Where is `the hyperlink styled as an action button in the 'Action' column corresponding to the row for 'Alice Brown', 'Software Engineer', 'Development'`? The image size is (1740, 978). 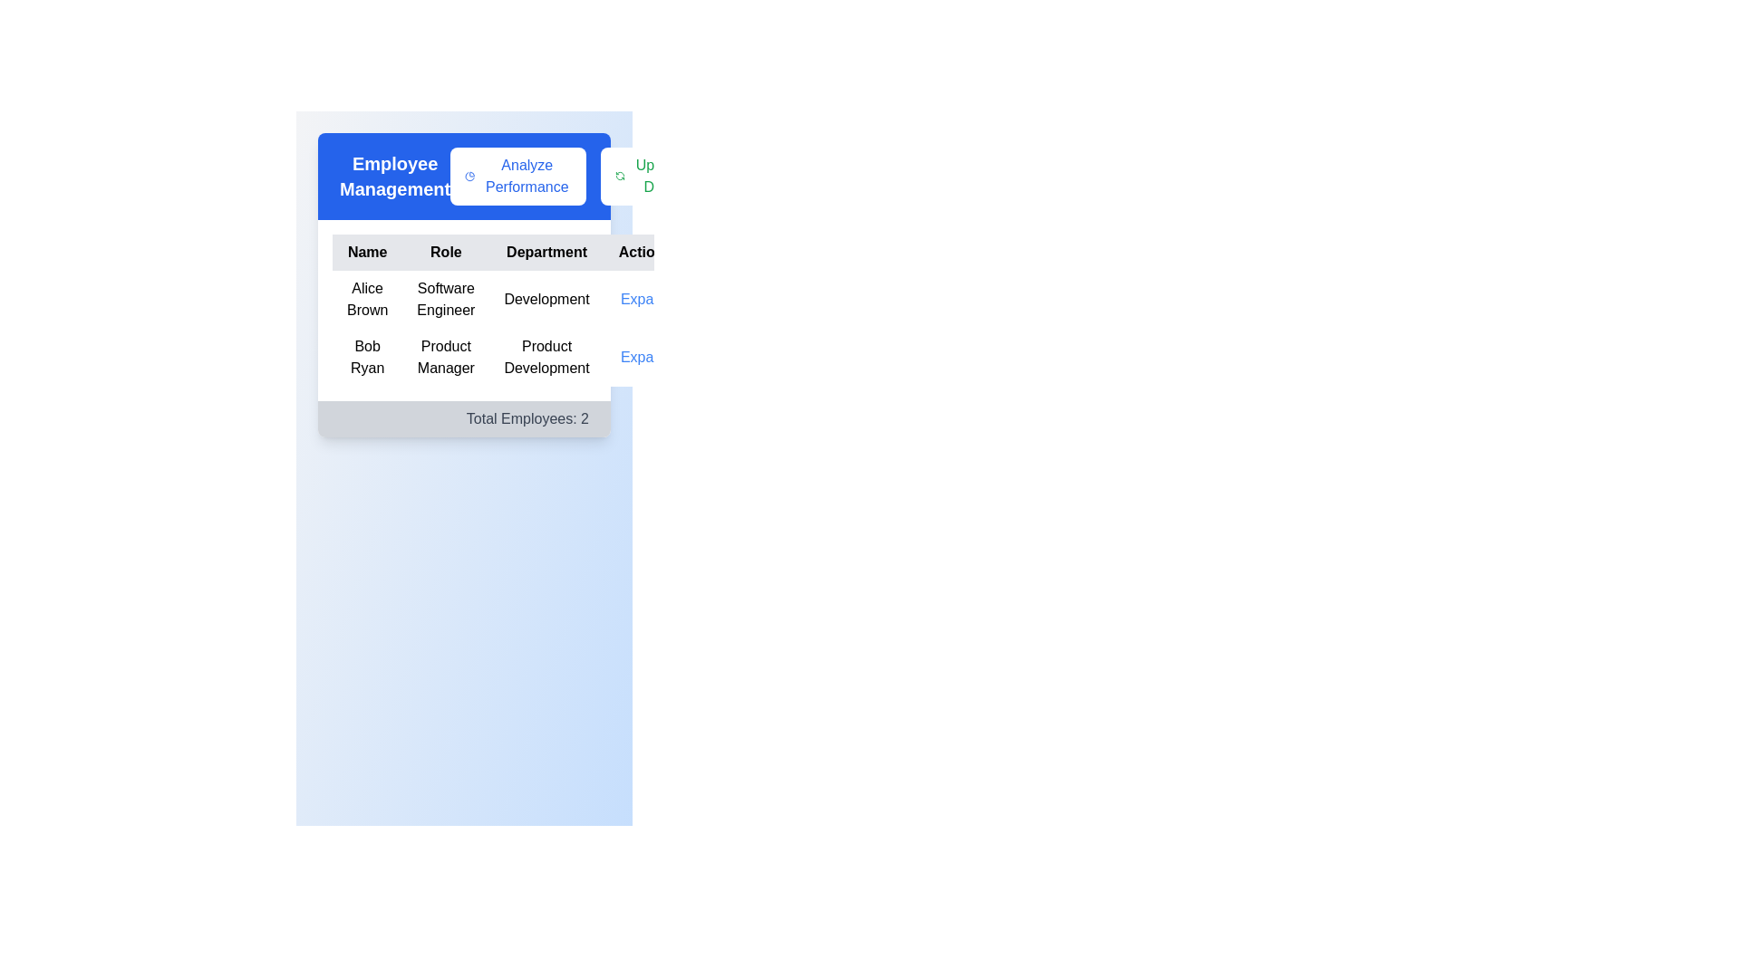
the hyperlink styled as an action button in the 'Action' column corresponding to the row for 'Alice Brown', 'Software Engineer', 'Development' is located at coordinates (644, 299).